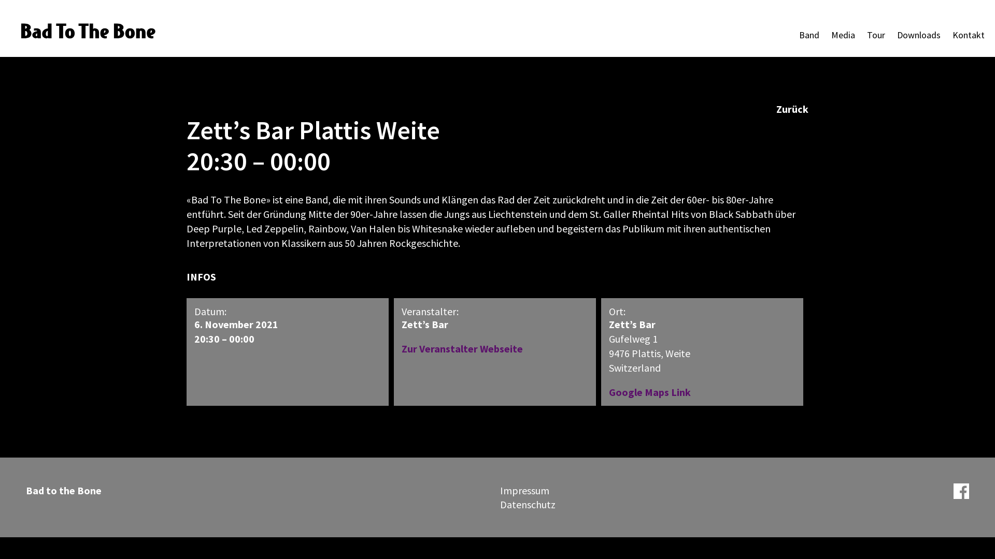  I want to click on 'Zur Veranstalter Webseite', so click(462, 348).